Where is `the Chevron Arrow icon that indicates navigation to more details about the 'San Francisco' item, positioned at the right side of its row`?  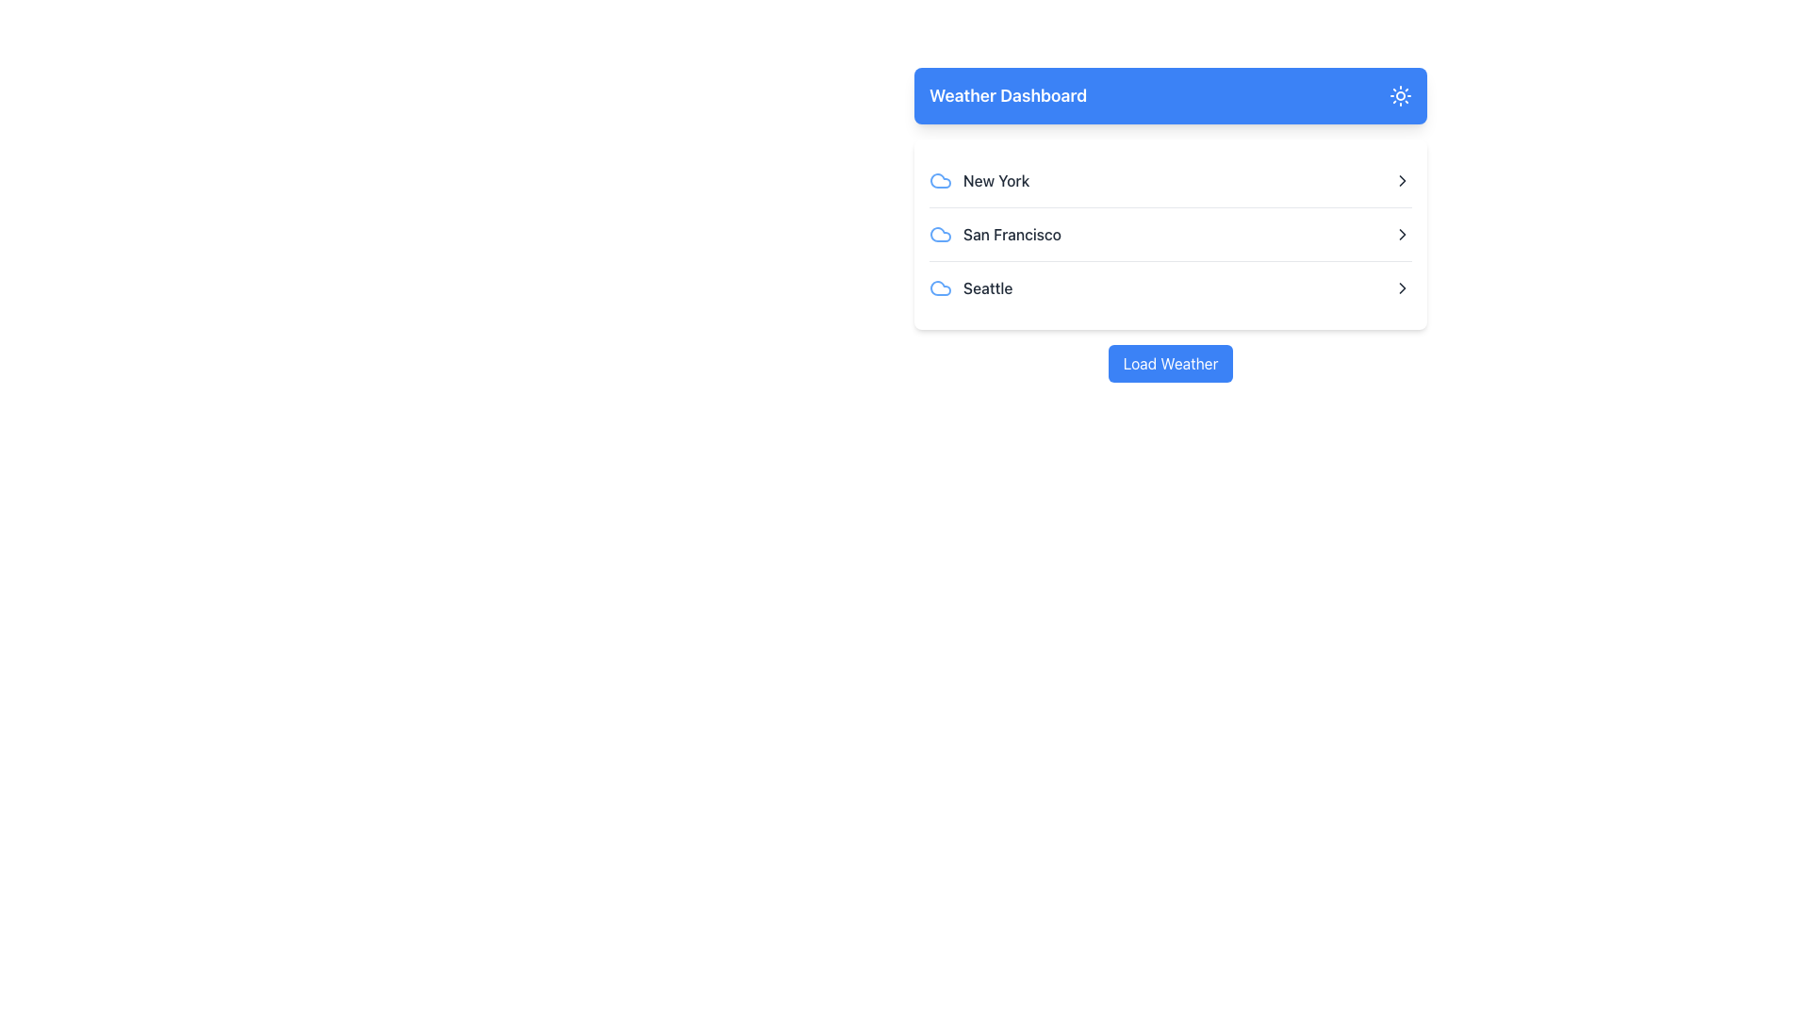
the Chevron Arrow icon that indicates navigation to more details about the 'San Francisco' item, positioned at the right side of its row is located at coordinates (1403, 234).